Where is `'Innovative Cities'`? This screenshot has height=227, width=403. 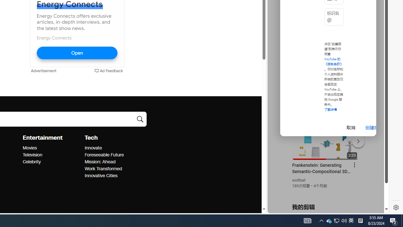
'Innovative Cities' is located at coordinates (113, 176).